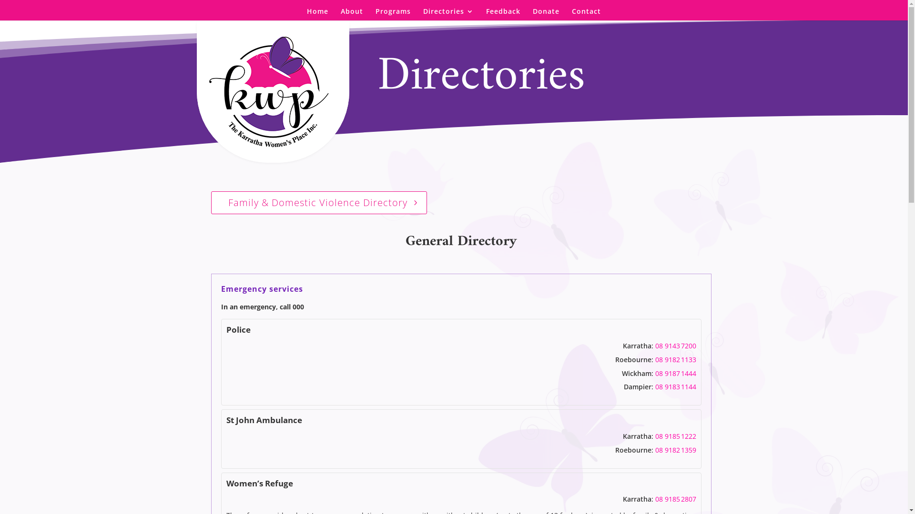 This screenshot has width=915, height=514. Describe the element at coordinates (572, 14) in the screenshot. I see `'Contact'` at that location.